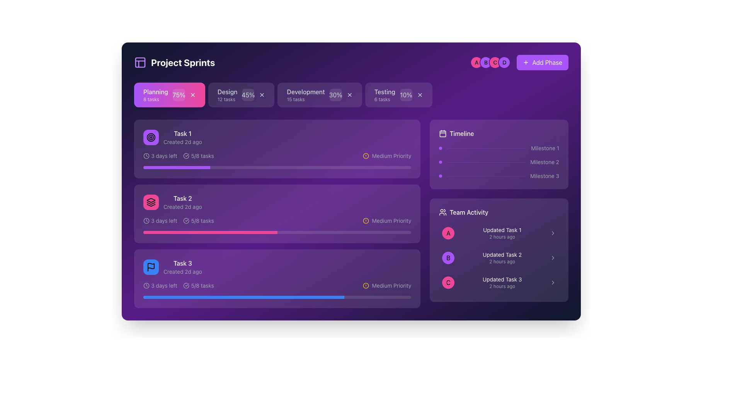  Describe the element at coordinates (499, 162) in the screenshot. I see `the second milestone indicator in the timeline` at that location.